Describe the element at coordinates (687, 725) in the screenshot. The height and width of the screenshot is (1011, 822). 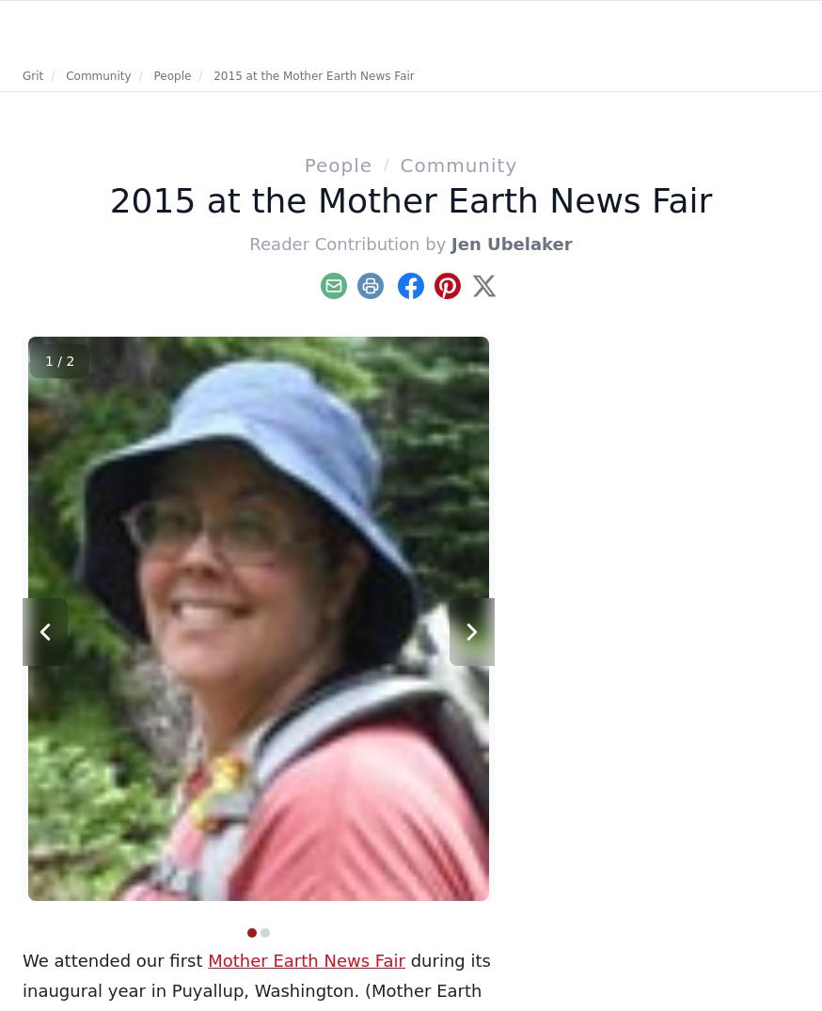
I see `'Try making one of these delicious and easy squash recipes, like the Healthy Squash Casserole or the Pumpkin Pie Latte.'` at that location.